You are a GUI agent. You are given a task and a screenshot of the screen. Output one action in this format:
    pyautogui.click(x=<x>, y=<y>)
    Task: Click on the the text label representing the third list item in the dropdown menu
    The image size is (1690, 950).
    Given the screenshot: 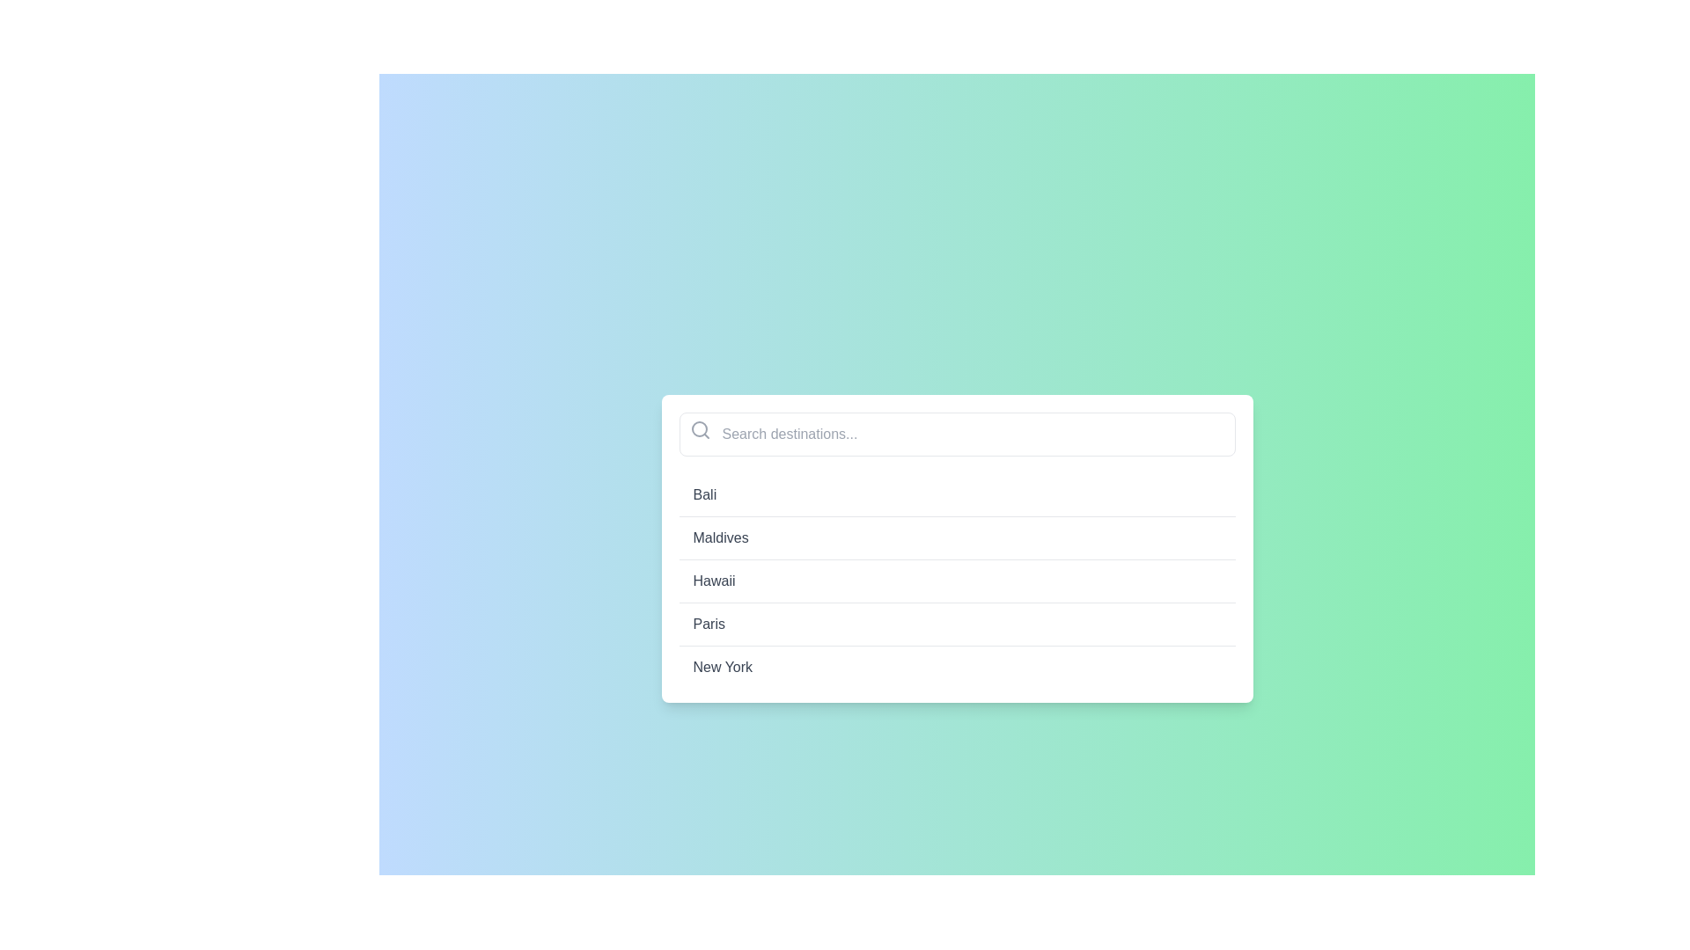 What is the action you would take?
    pyautogui.click(x=714, y=581)
    